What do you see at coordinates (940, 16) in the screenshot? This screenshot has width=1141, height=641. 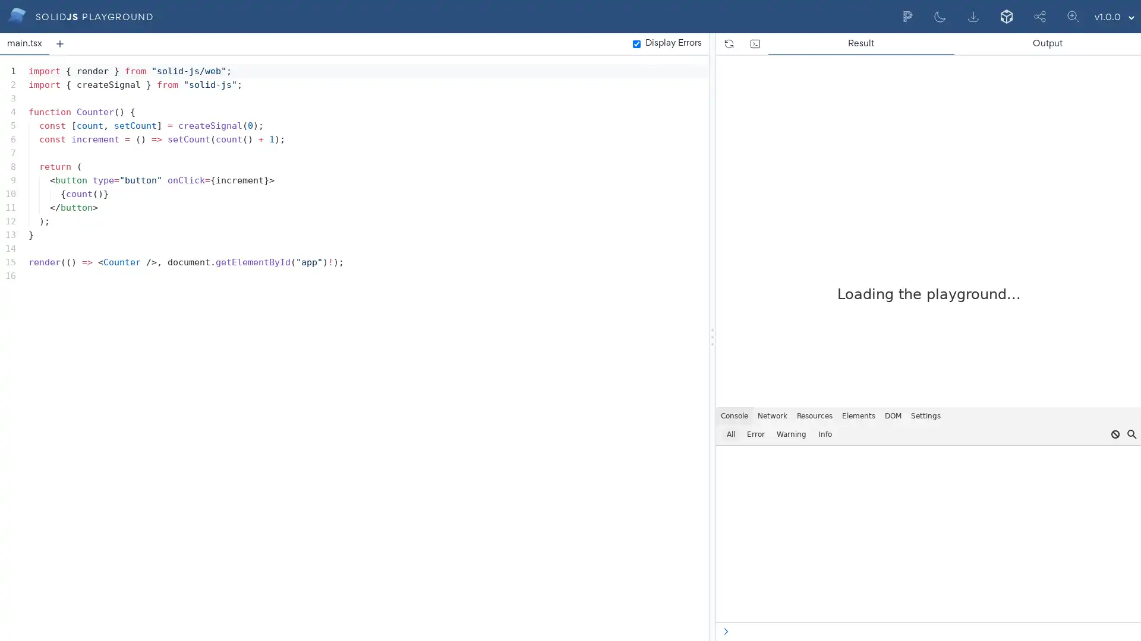 I see `Dark mode` at bounding box center [940, 16].